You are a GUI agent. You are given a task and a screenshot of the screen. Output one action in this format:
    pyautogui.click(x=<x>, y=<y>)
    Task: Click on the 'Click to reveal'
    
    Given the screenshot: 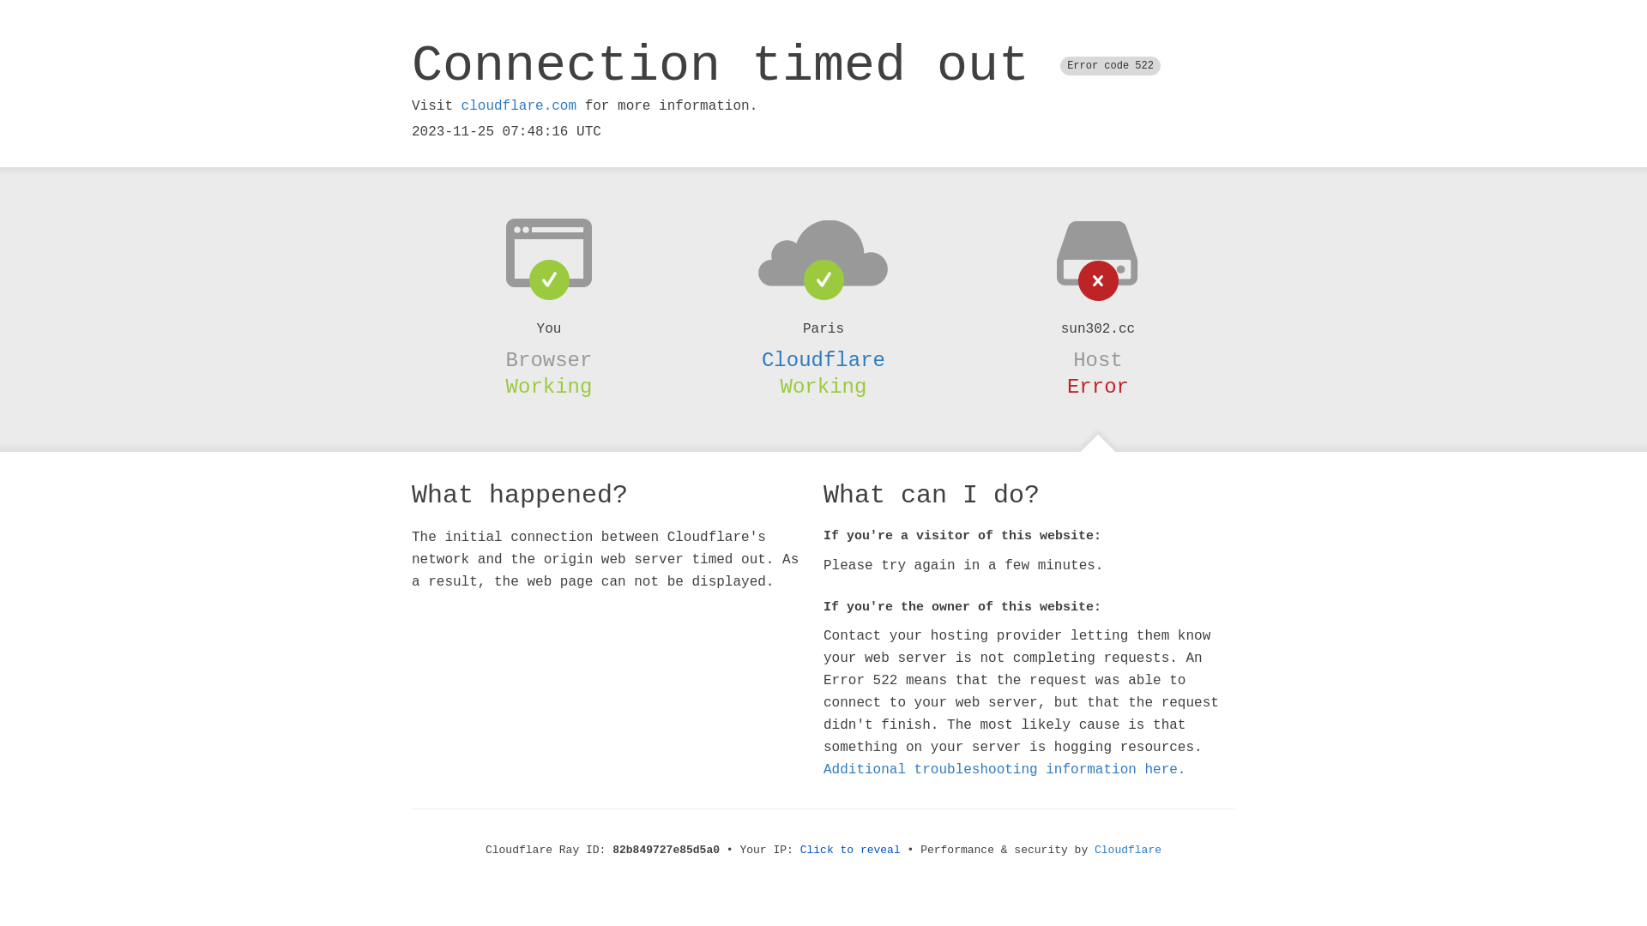 What is the action you would take?
    pyautogui.click(x=850, y=850)
    